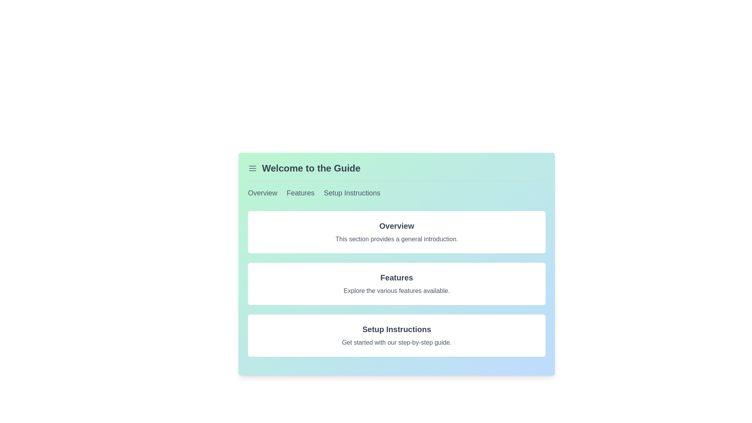 This screenshot has width=752, height=423. What do you see at coordinates (262, 193) in the screenshot?
I see `the 'Overview' hyperlink located in the top-left horizontal menu bar` at bounding box center [262, 193].